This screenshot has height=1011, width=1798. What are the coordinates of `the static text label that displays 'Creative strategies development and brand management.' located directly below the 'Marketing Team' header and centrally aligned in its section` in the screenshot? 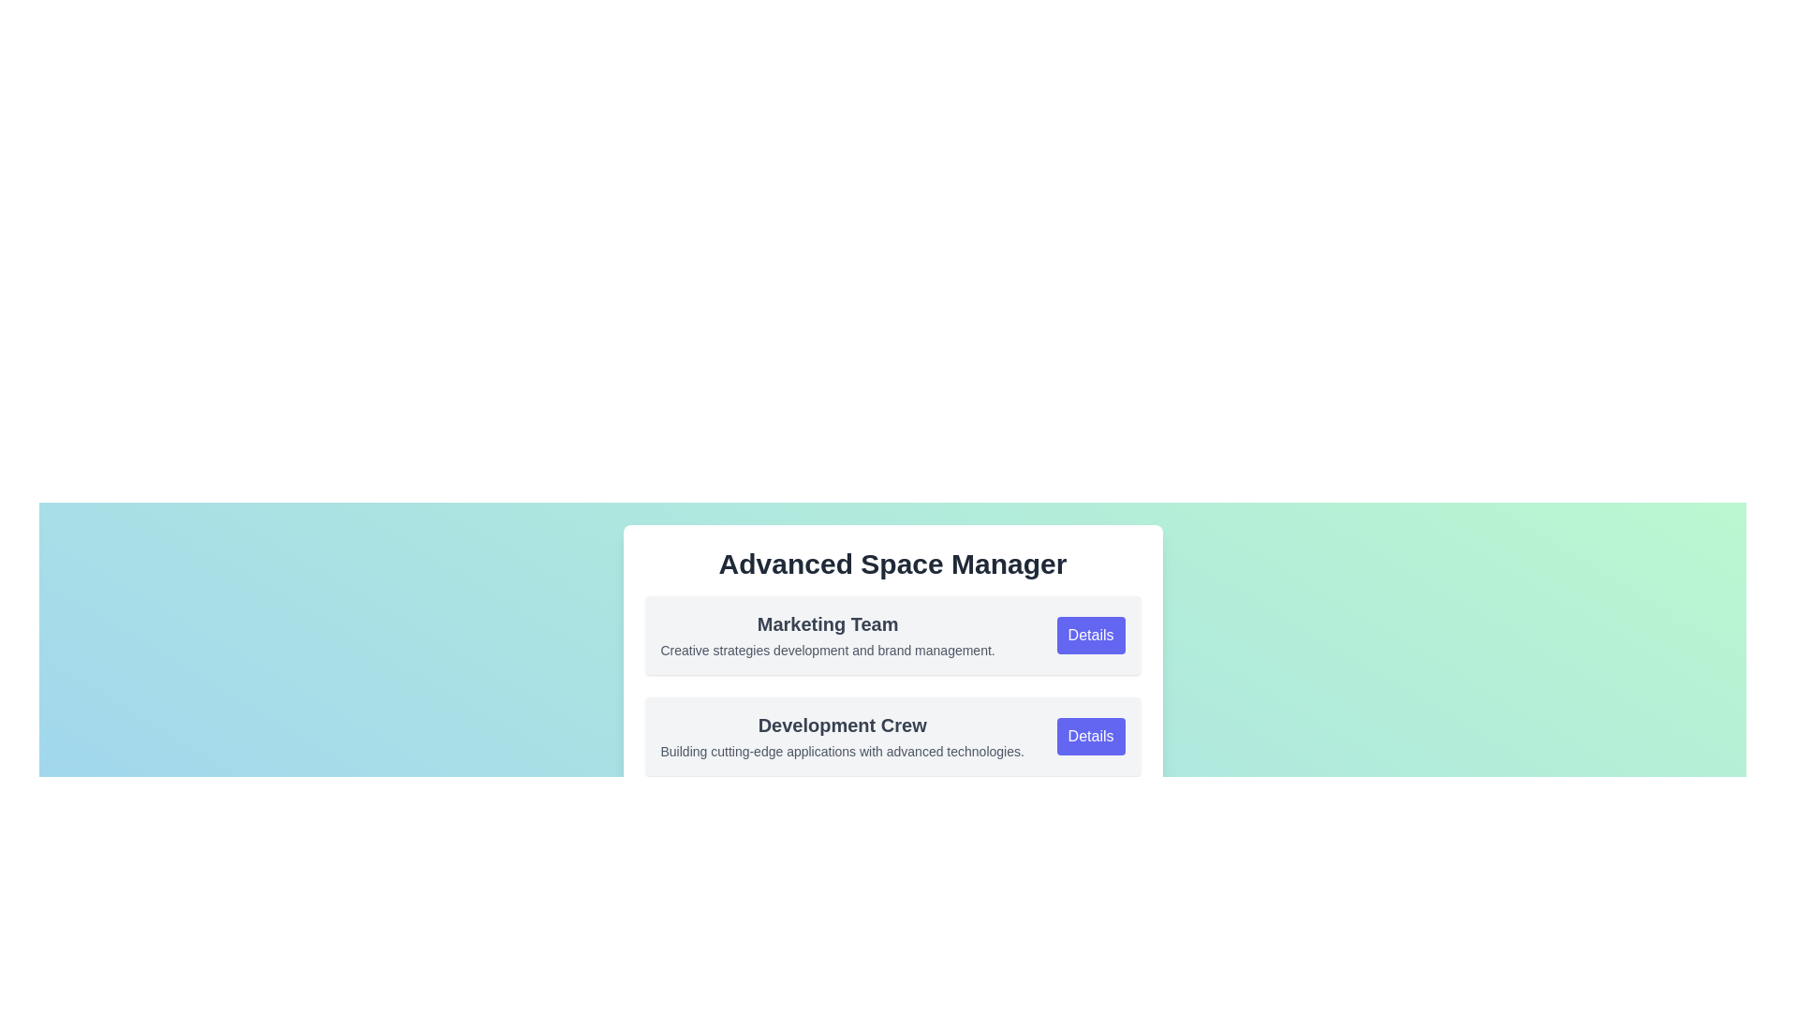 It's located at (827, 649).